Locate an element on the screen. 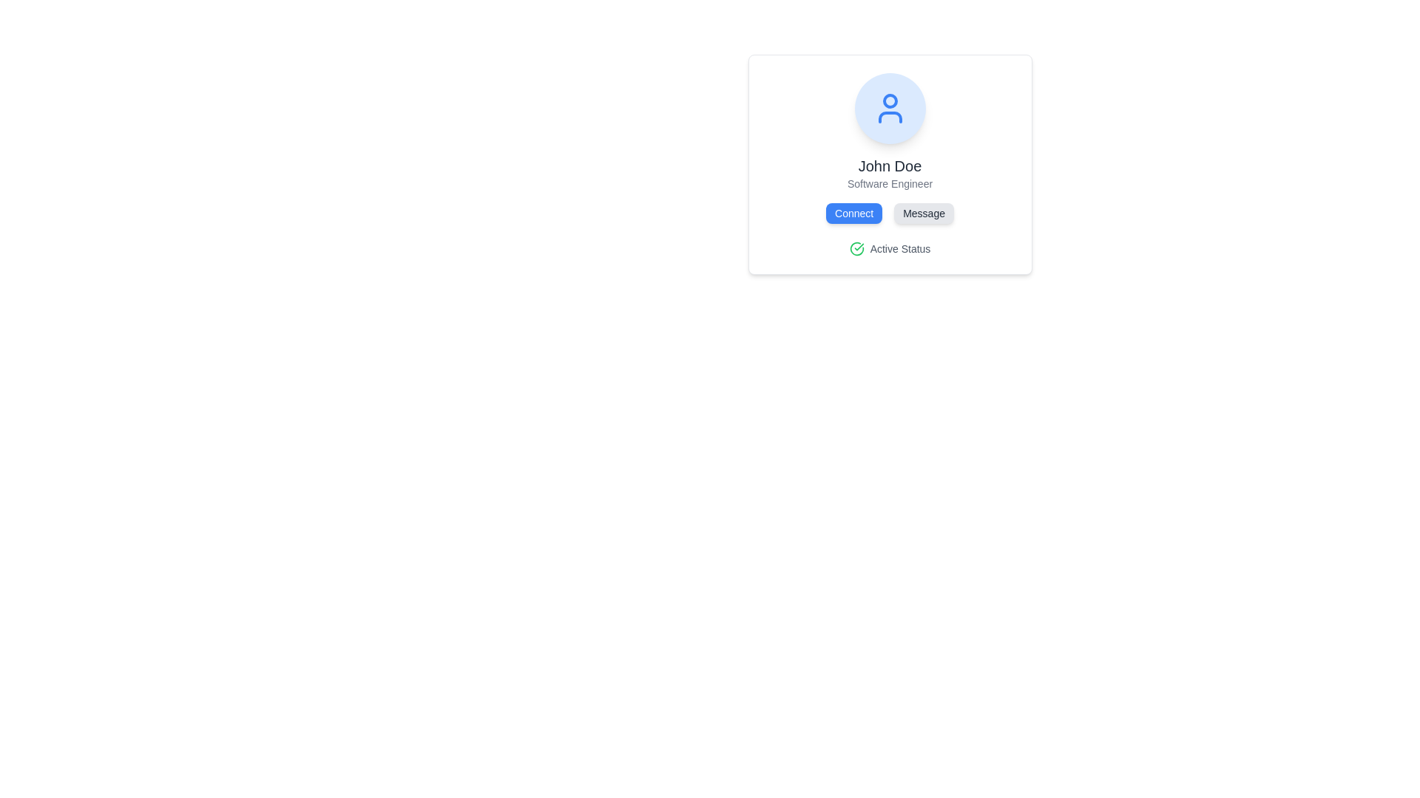  text content 'John Doe' from the Text Label which serves as the header in the profile card, positioned above the 'Software Engineer' text is located at coordinates (889, 166).